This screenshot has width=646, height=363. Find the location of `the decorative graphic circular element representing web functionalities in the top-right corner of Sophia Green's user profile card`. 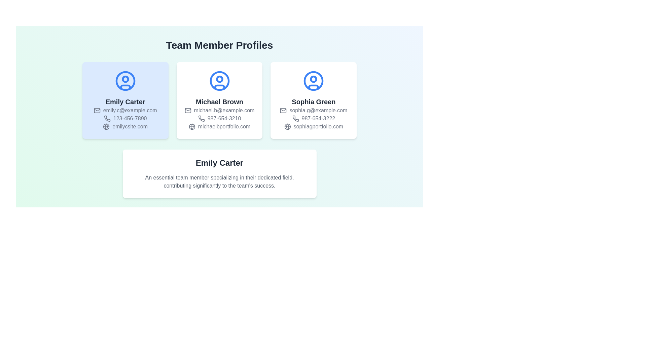

the decorative graphic circular element representing web functionalities in the top-right corner of Sophia Green's user profile card is located at coordinates (287, 127).